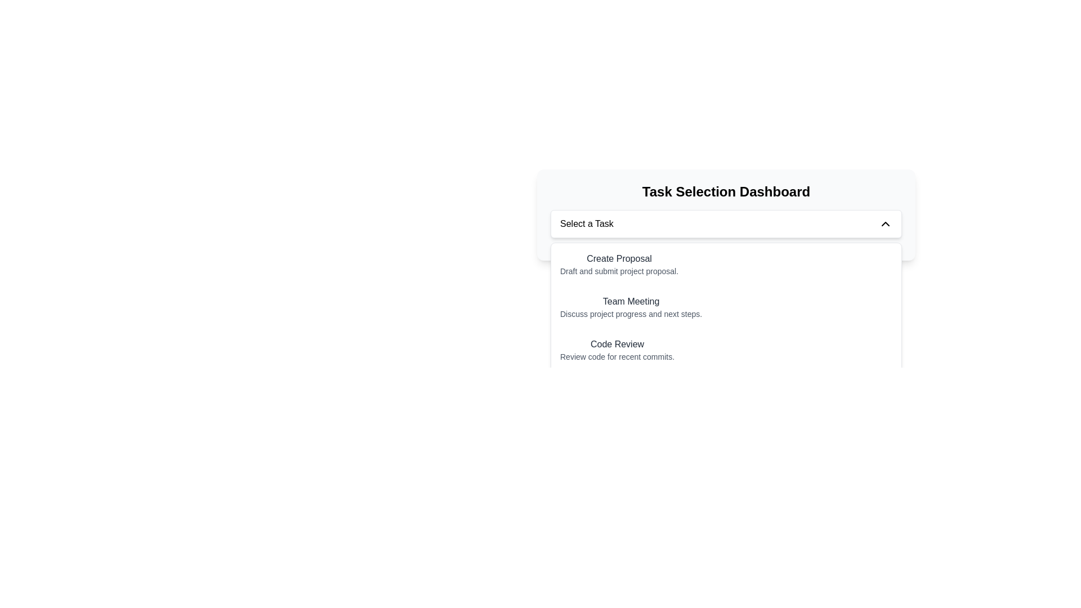  Describe the element at coordinates (726, 307) in the screenshot. I see `the list item titled 'Team Meeting'` at that location.